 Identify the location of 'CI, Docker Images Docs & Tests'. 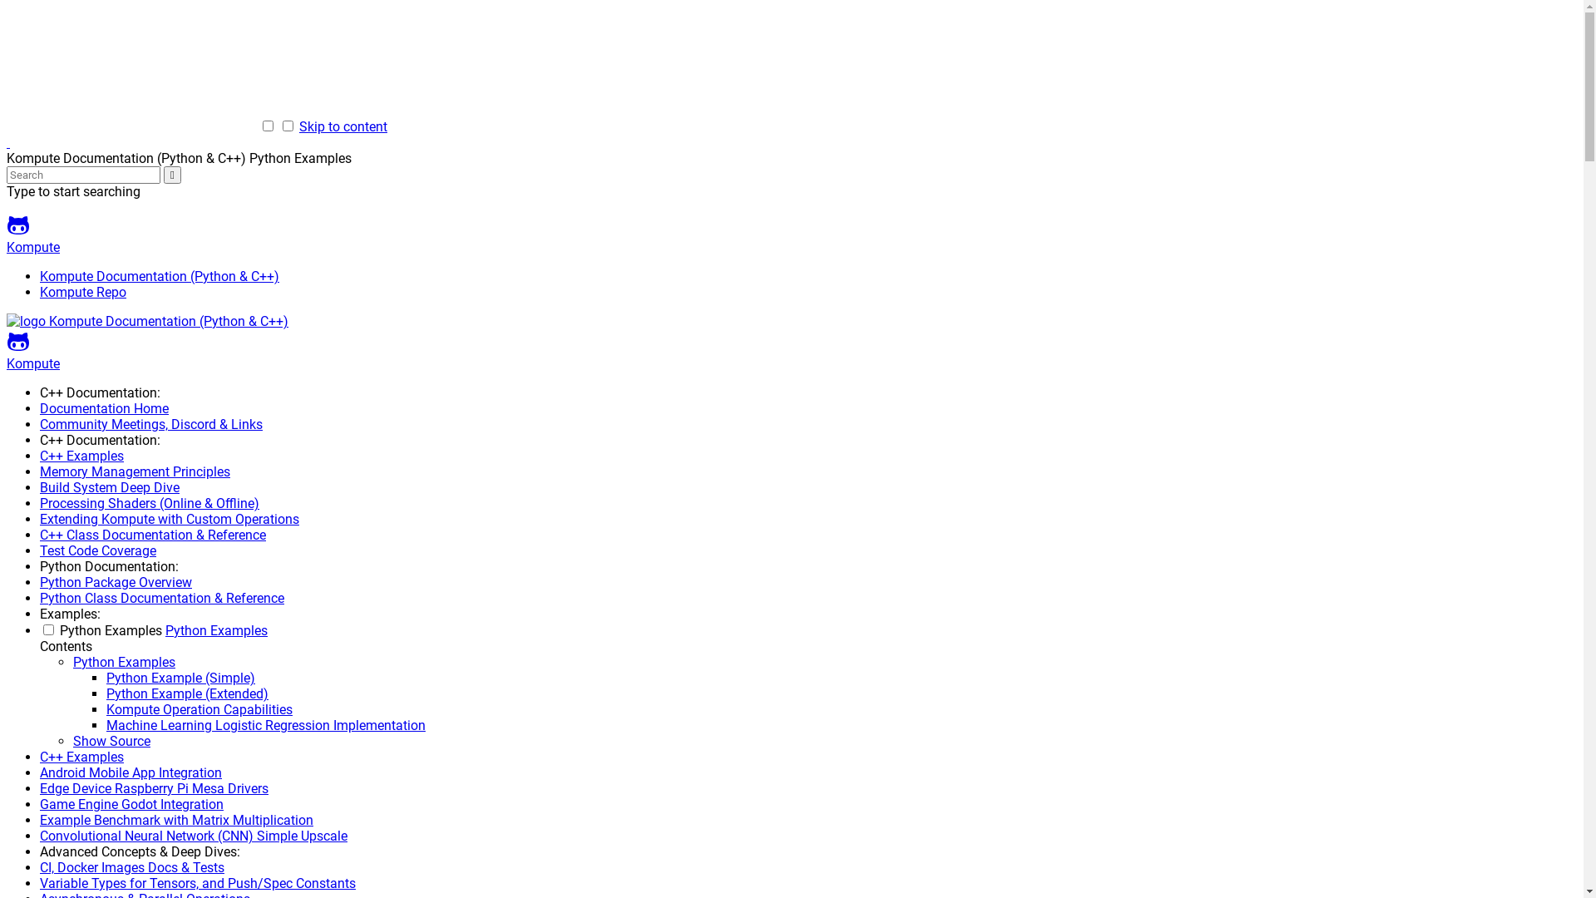
(131, 866).